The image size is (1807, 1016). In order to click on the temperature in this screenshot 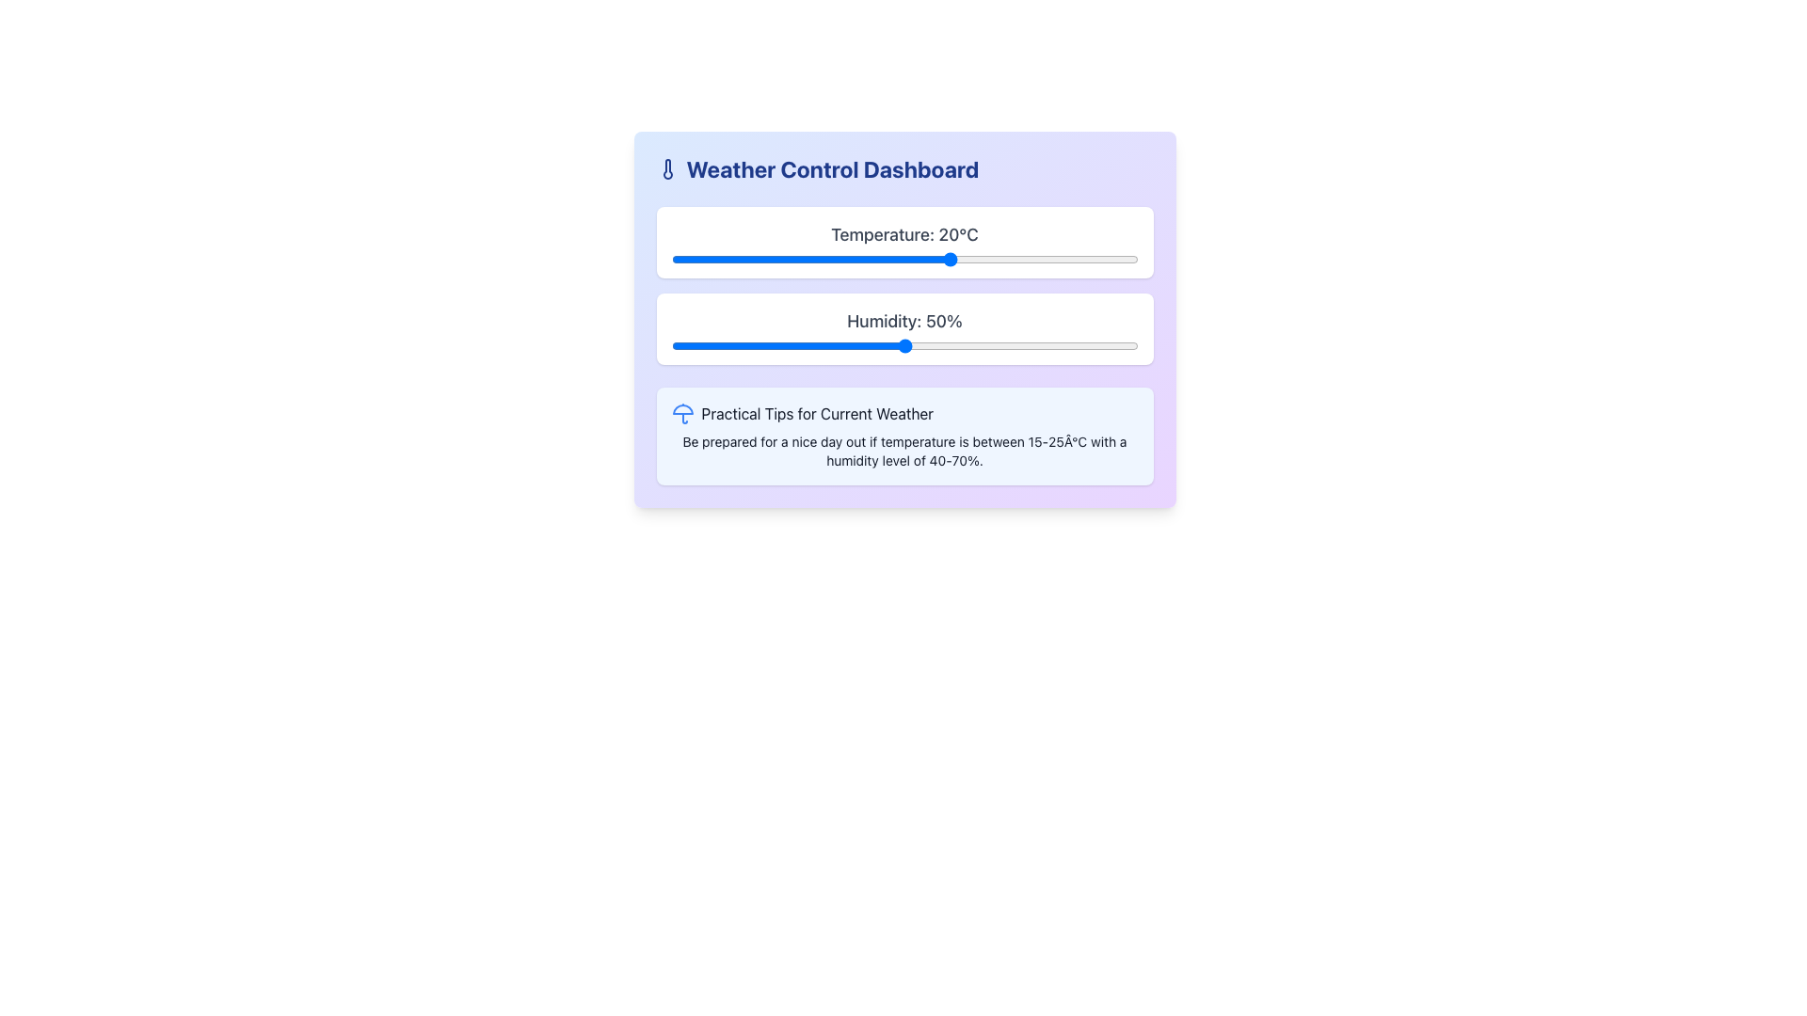, I will do `click(866, 260)`.